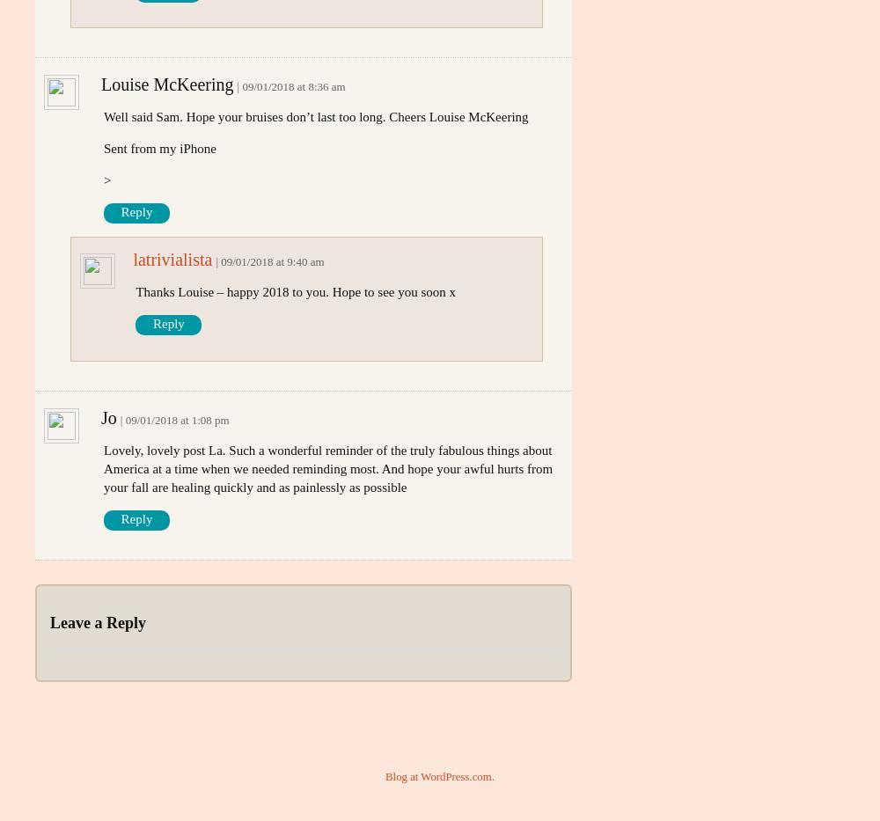 The image size is (880, 821). What do you see at coordinates (136, 290) in the screenshot?
I see `'Thanks Louise – happy 2018 to you. Hope to see you soon x'` at bounding box center [136, 290].